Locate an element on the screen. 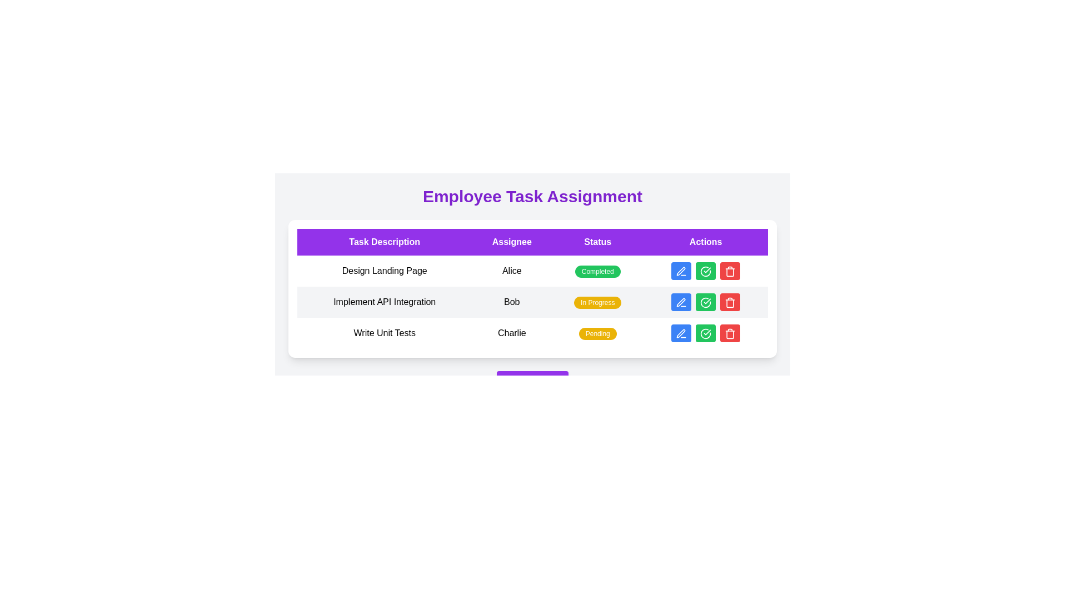  the middle button in the 'Actions' column of the second row for the task 'Implement API Integration' assigned to 'Bob' is located at coordinates (705, 302).